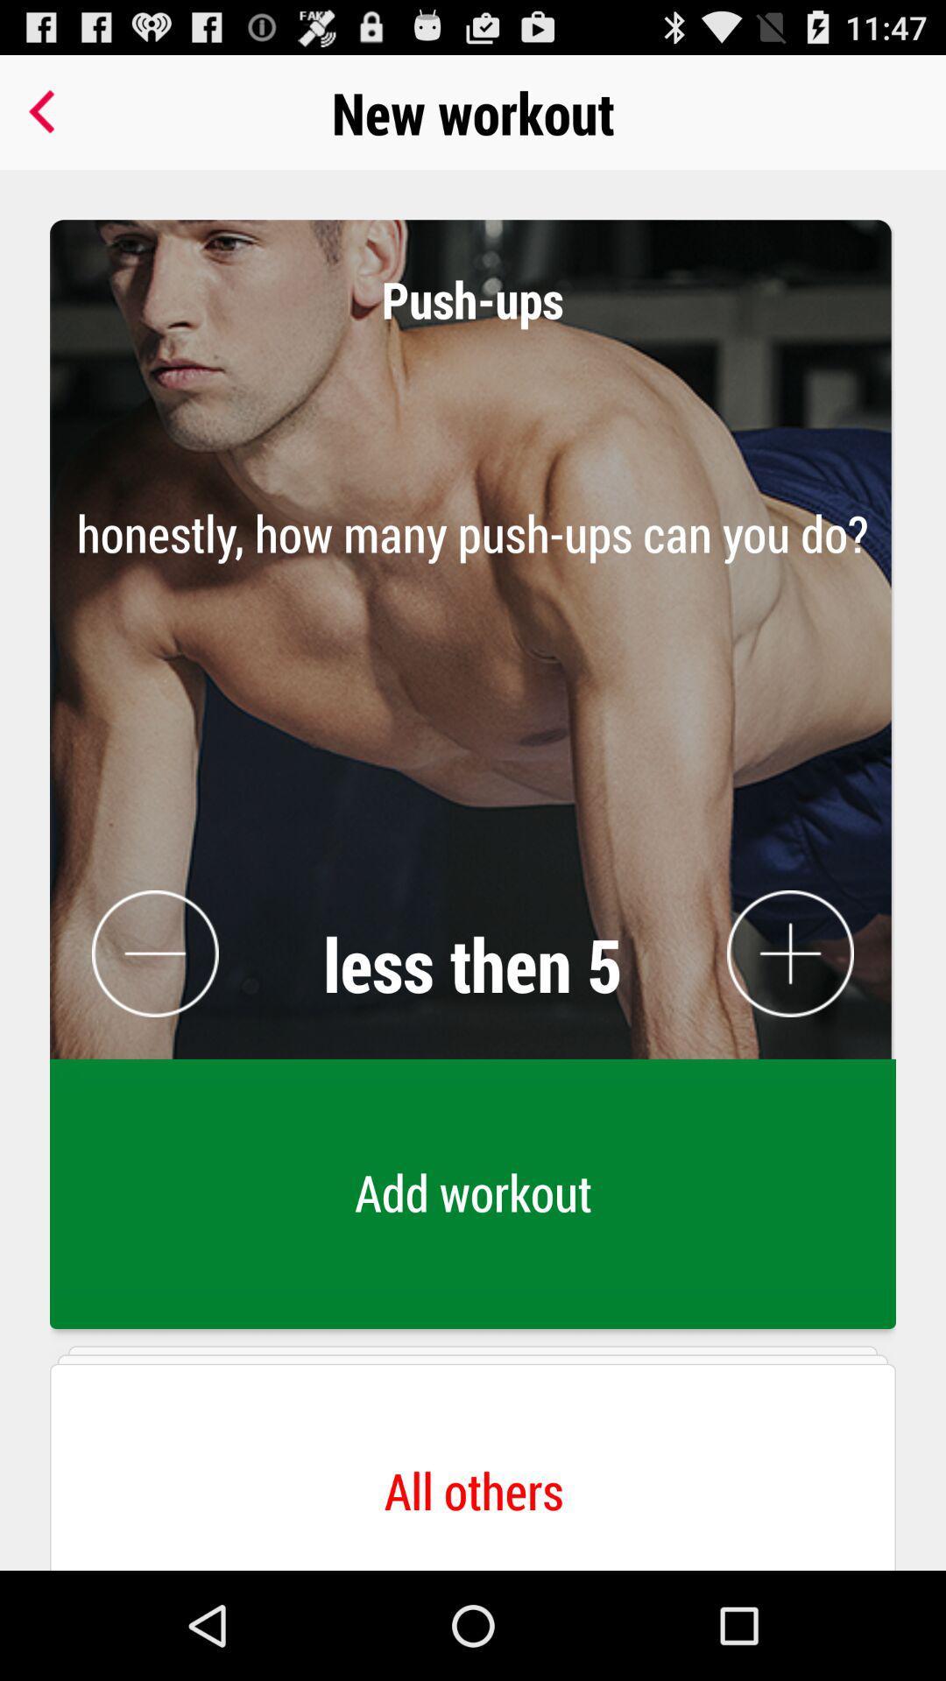  I want to click on the button below the add workout, so click(473, 1454).